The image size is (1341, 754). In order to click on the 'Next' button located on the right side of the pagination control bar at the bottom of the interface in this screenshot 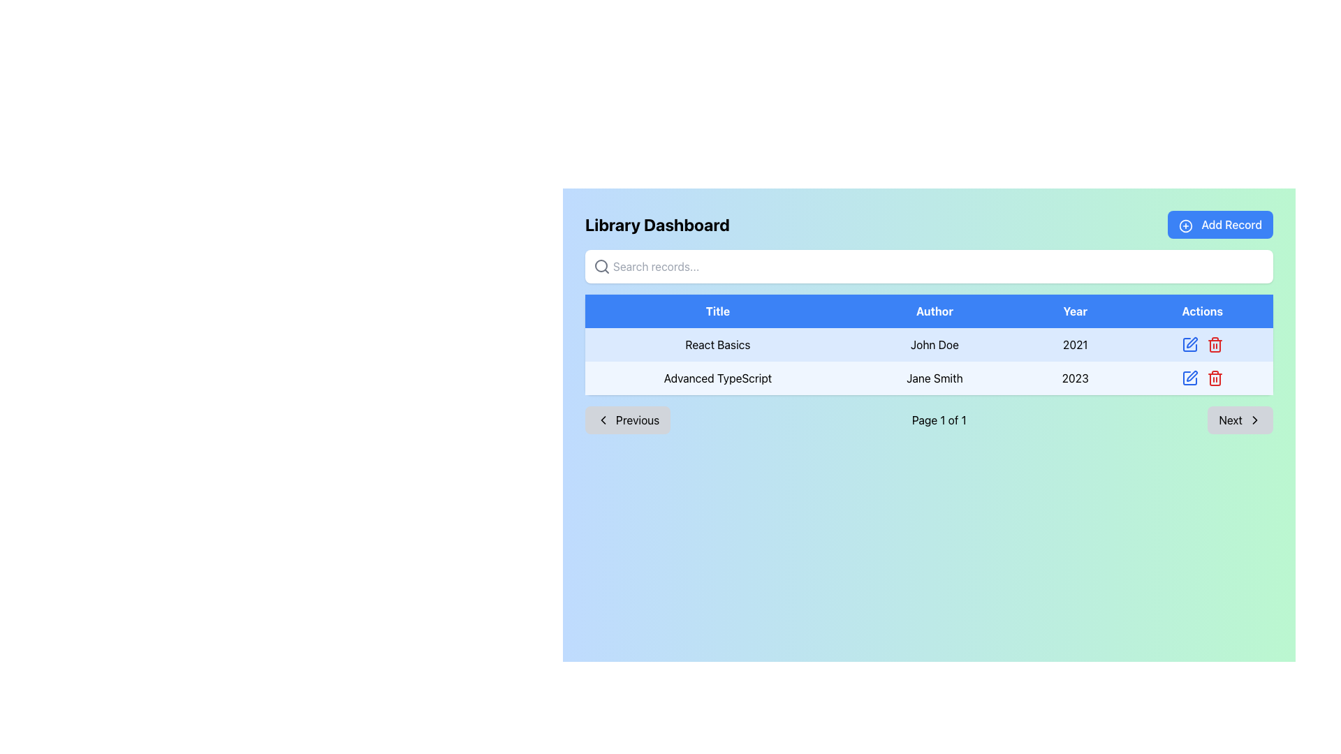, I will do `click(1240, 419)`.